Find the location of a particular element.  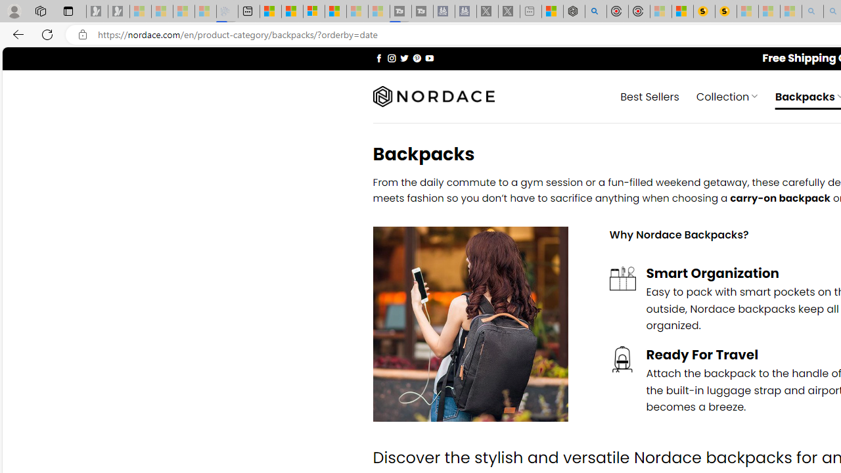

'amazon - Search - Sleeping' is located at coordinates (812, 11).